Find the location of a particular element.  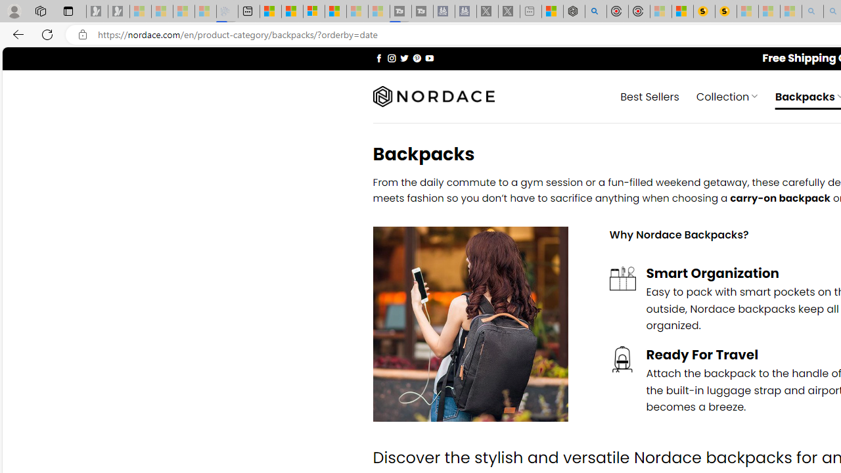

'amazon - Search - Sleeping' is located at coordinates (812, 11).